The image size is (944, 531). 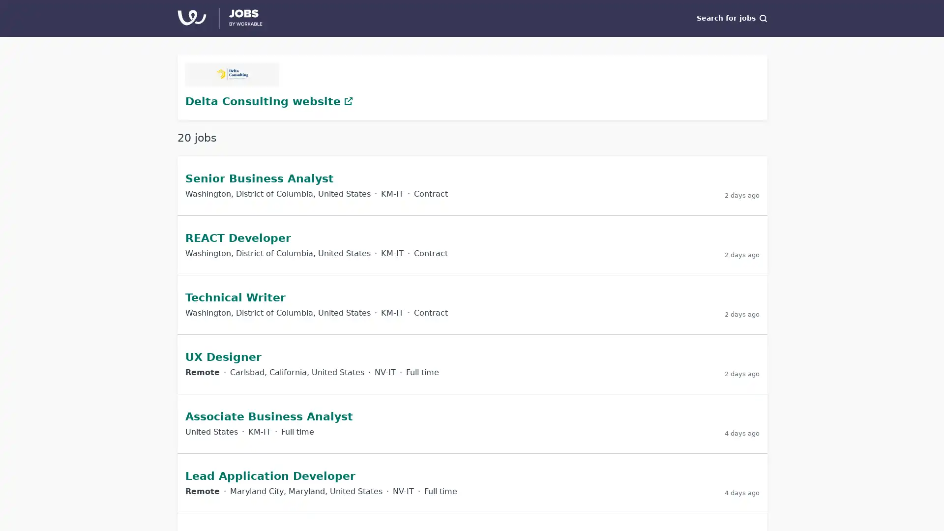 I want to click on Senior Business Analyst at Delta Consulting, so click(x=472, y=185).